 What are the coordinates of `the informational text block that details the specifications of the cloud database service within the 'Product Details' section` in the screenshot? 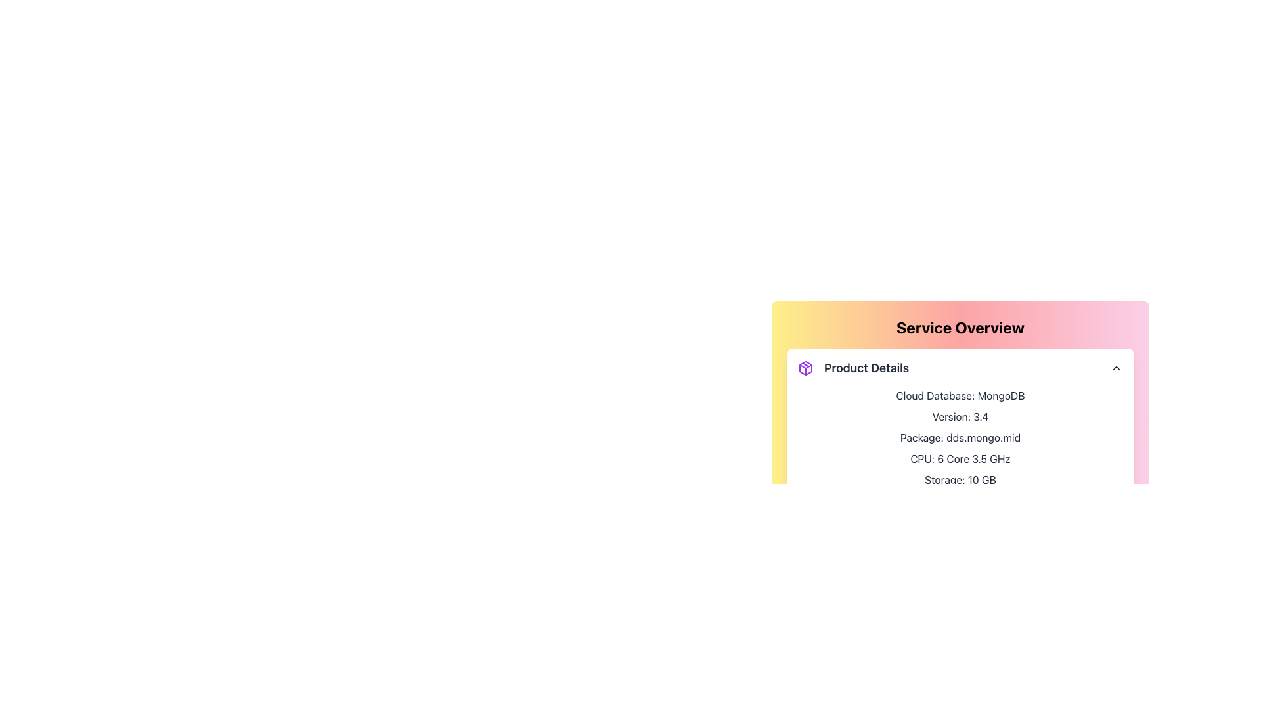 It's located at (960, 438).